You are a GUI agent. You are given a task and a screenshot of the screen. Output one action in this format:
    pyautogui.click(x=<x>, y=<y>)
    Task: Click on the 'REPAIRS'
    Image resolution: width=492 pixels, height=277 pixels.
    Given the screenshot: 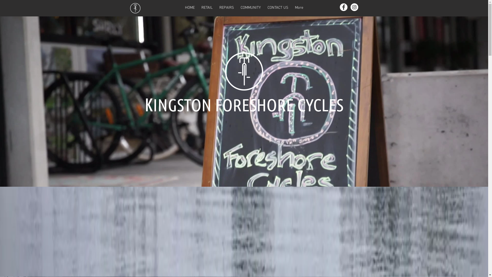 What is the action you would take?
    pyautogui.click(x=226, y=8)
    